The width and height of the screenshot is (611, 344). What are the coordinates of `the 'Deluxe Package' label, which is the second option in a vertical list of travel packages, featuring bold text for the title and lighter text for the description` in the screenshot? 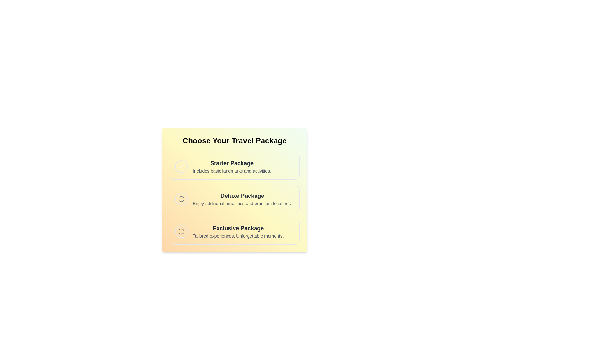 It's located at (242, 198).